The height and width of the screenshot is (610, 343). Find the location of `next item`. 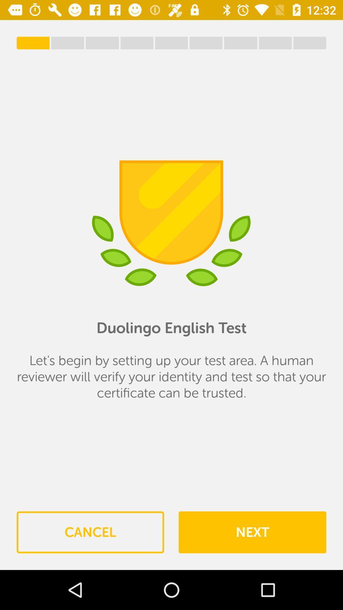

next item is located at coordinates (252, 532).